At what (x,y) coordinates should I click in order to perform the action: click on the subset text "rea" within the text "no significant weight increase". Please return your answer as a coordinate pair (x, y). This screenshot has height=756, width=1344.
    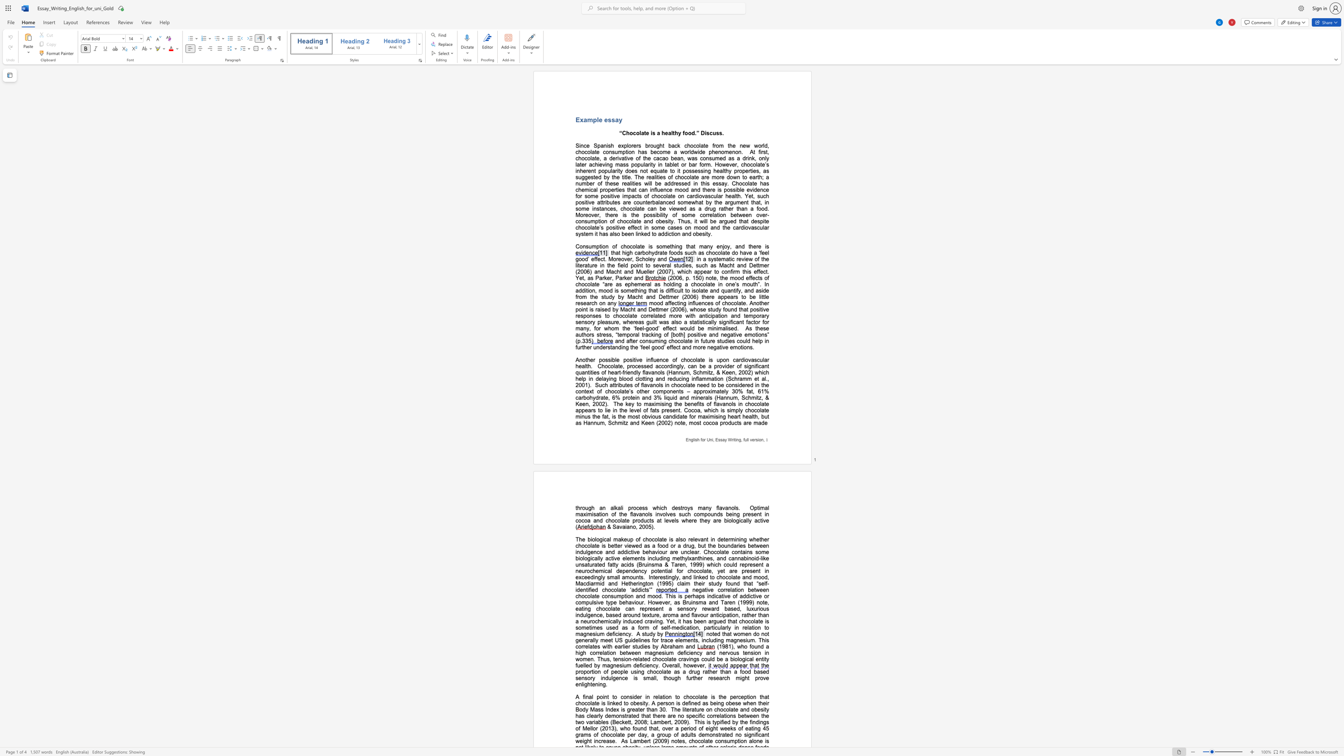
    Looking at the image, I should click on (600, 740).